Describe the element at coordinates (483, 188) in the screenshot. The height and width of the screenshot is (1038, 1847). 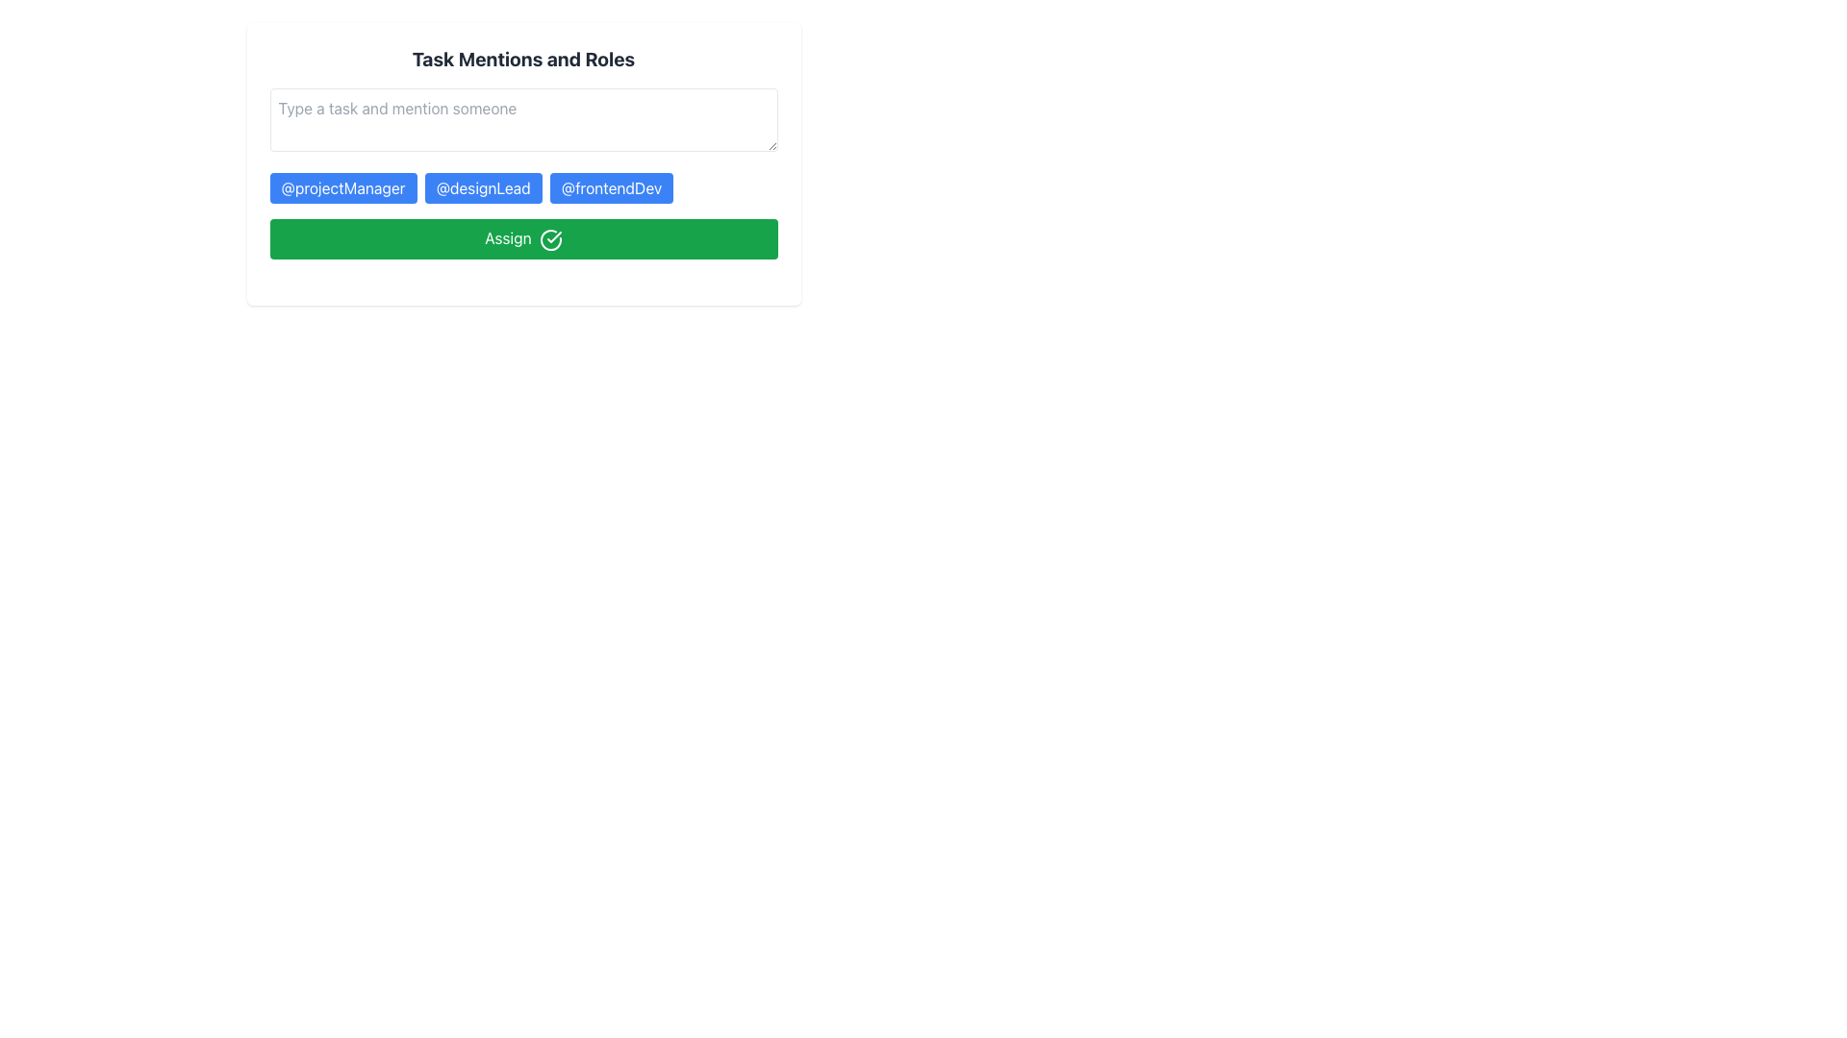
I see `the '@designLead' tag, which is a pill-shaped button with a blue background and white text` at that location.